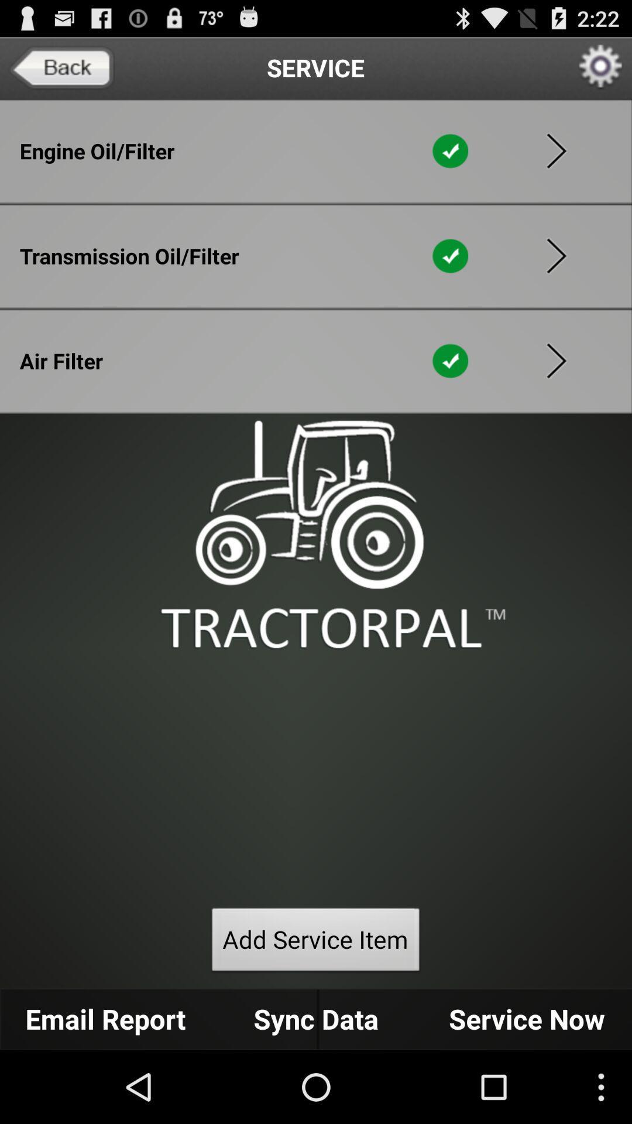  Describe the element at coordinates (556, 255) in the screenshot. I see `previous` at that location.